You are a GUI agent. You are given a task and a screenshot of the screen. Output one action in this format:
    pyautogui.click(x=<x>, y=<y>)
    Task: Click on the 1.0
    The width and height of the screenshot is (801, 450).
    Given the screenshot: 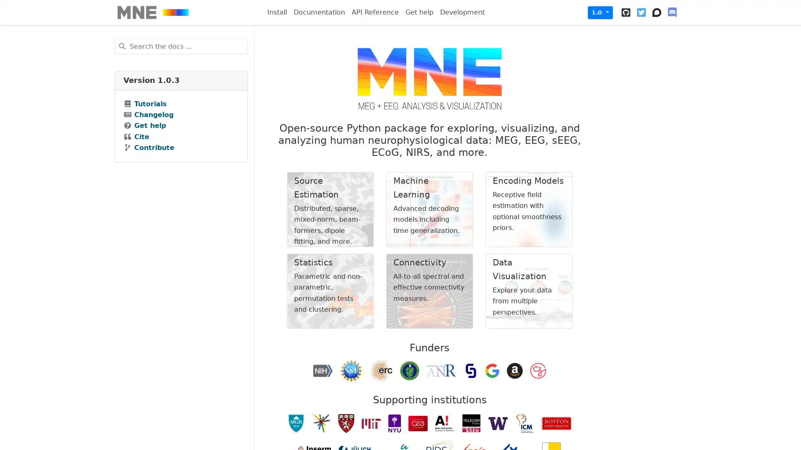 What is the action you would take?
    pyautogui.click(x=600, y=12)
    